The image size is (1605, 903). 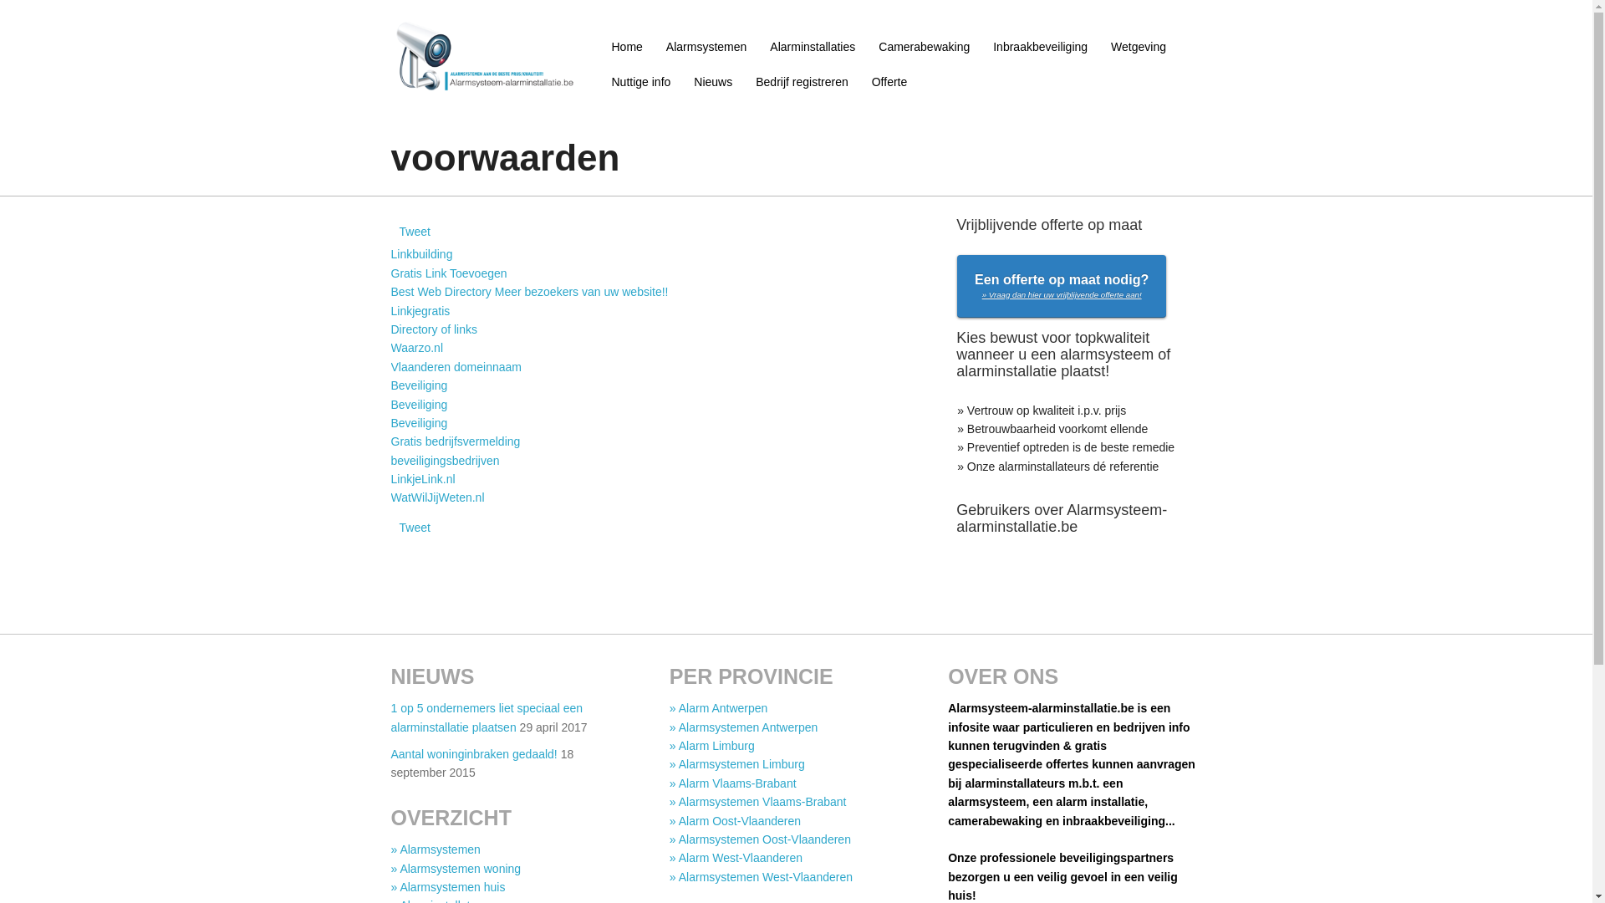 I want to click on 'Nuttige info', so click(x=600, y=81).